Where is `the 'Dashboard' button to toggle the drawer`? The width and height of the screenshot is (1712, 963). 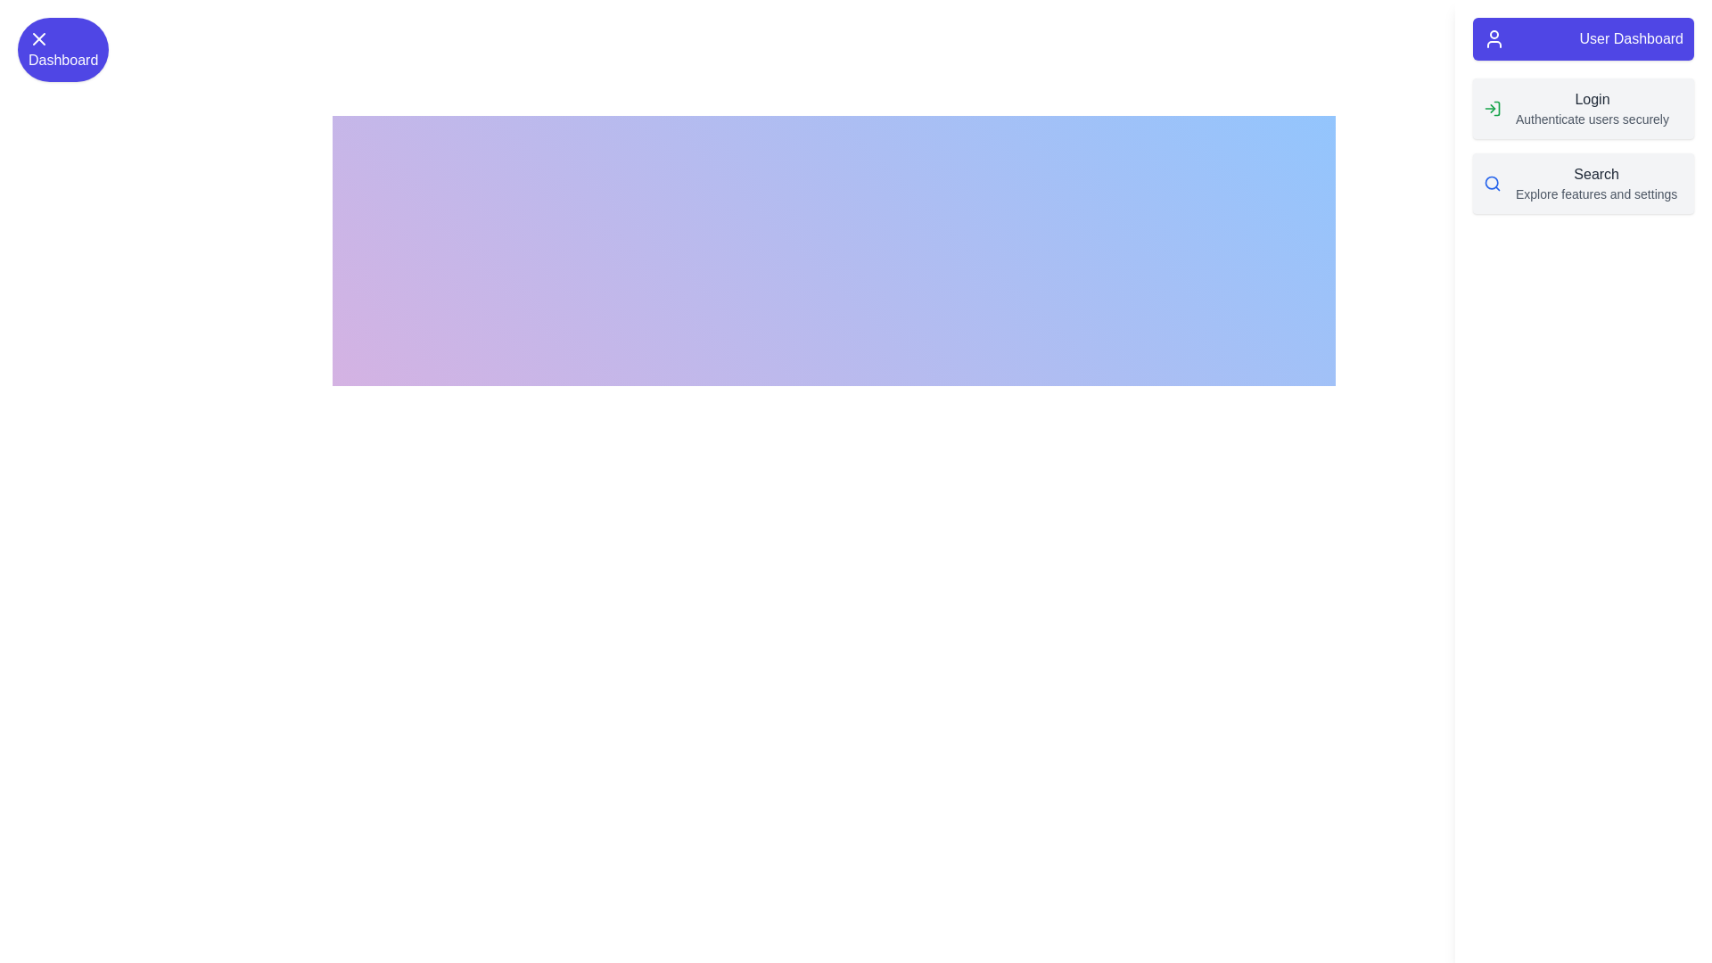 the 'Dashboard' button to toggle the drawer is located at coordinates (63, 49).